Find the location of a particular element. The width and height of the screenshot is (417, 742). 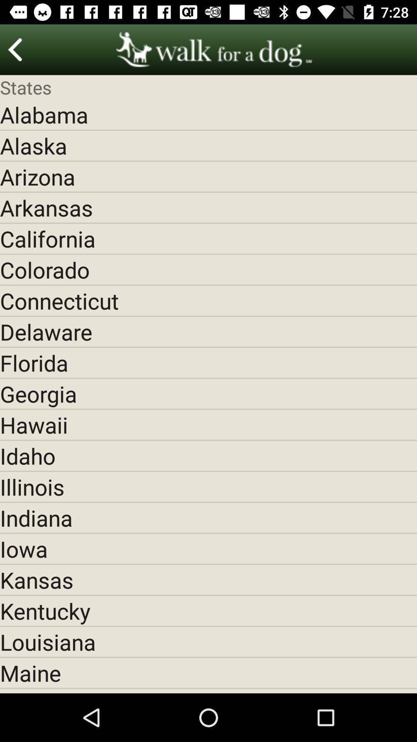

the arrow_backward icon is located at coordinates (15, 49).